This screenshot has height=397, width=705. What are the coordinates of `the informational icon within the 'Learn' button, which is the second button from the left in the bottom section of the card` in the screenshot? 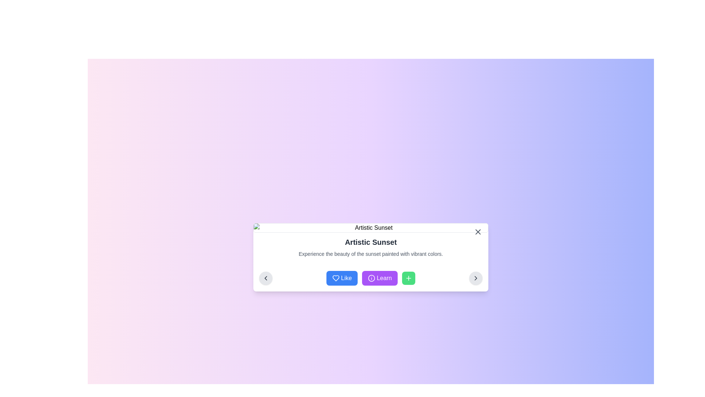 It's located at (372, 278).